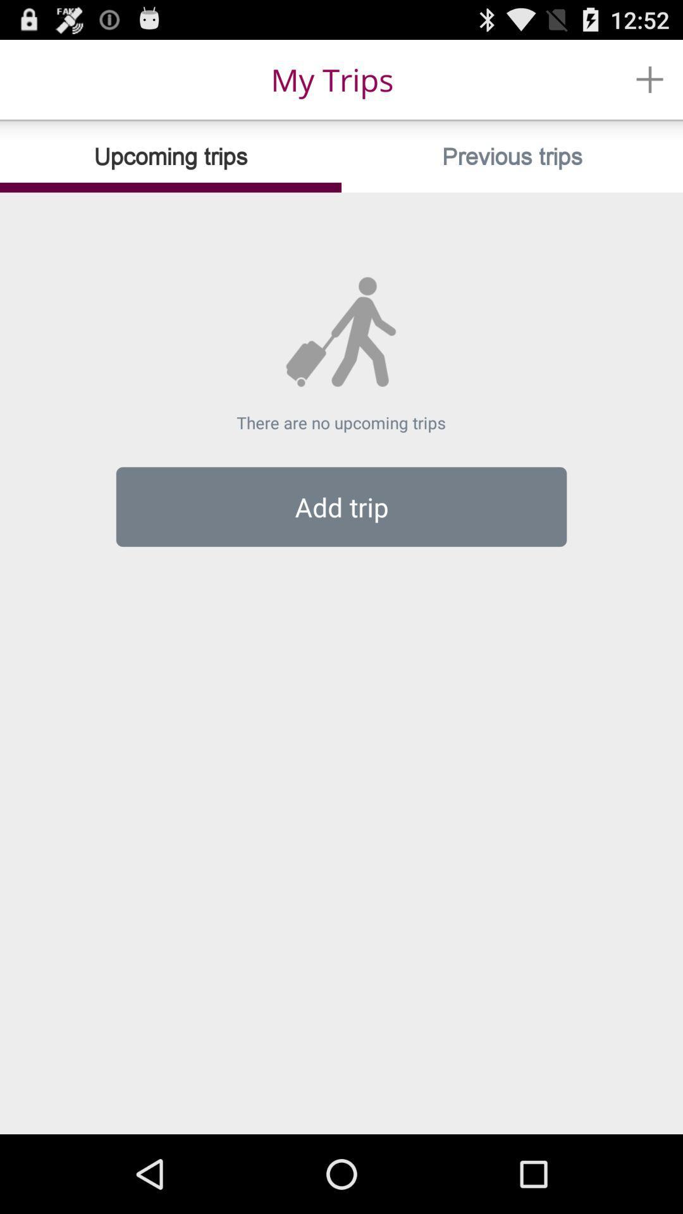  I want to click on the item to the right of the my trips, so click(649, 78).